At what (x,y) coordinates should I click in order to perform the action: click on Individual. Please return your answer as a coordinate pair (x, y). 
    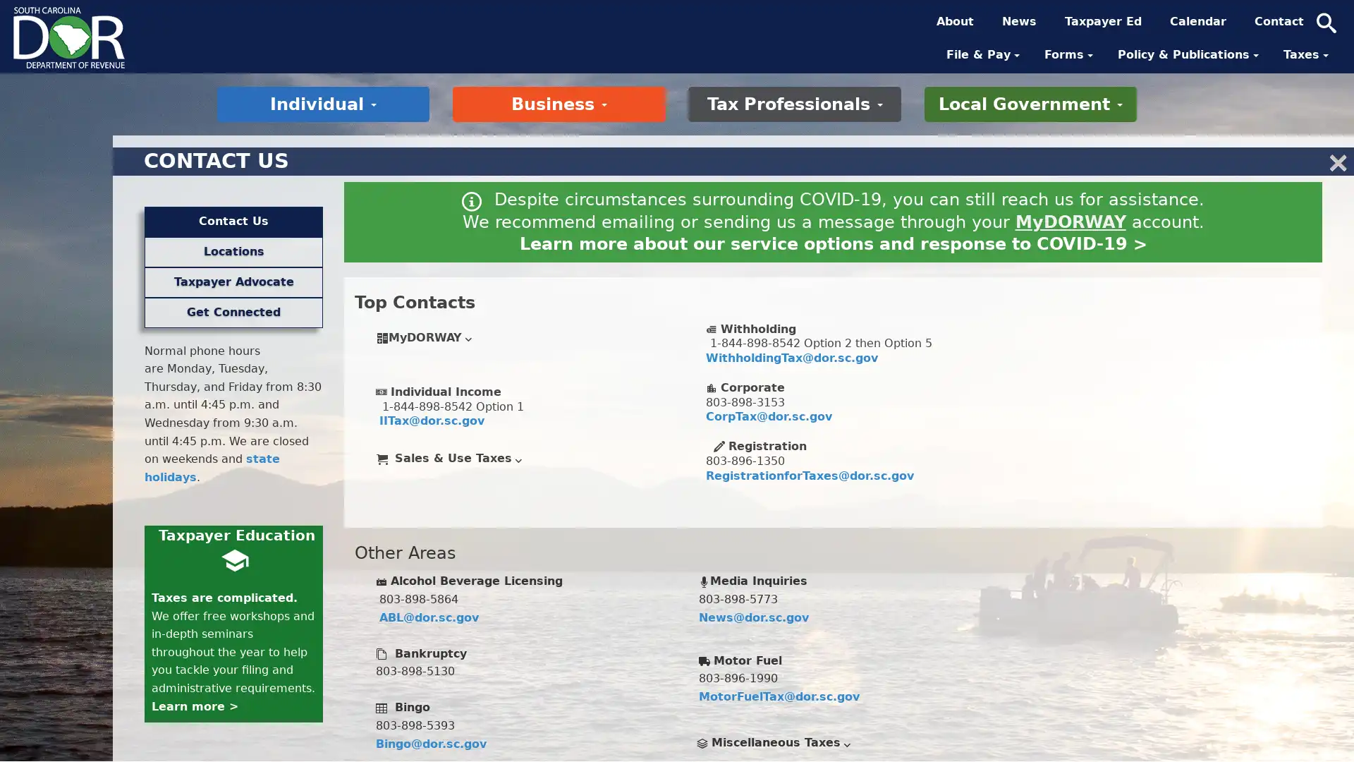
    Looking at the image, I should click on (322, 102).